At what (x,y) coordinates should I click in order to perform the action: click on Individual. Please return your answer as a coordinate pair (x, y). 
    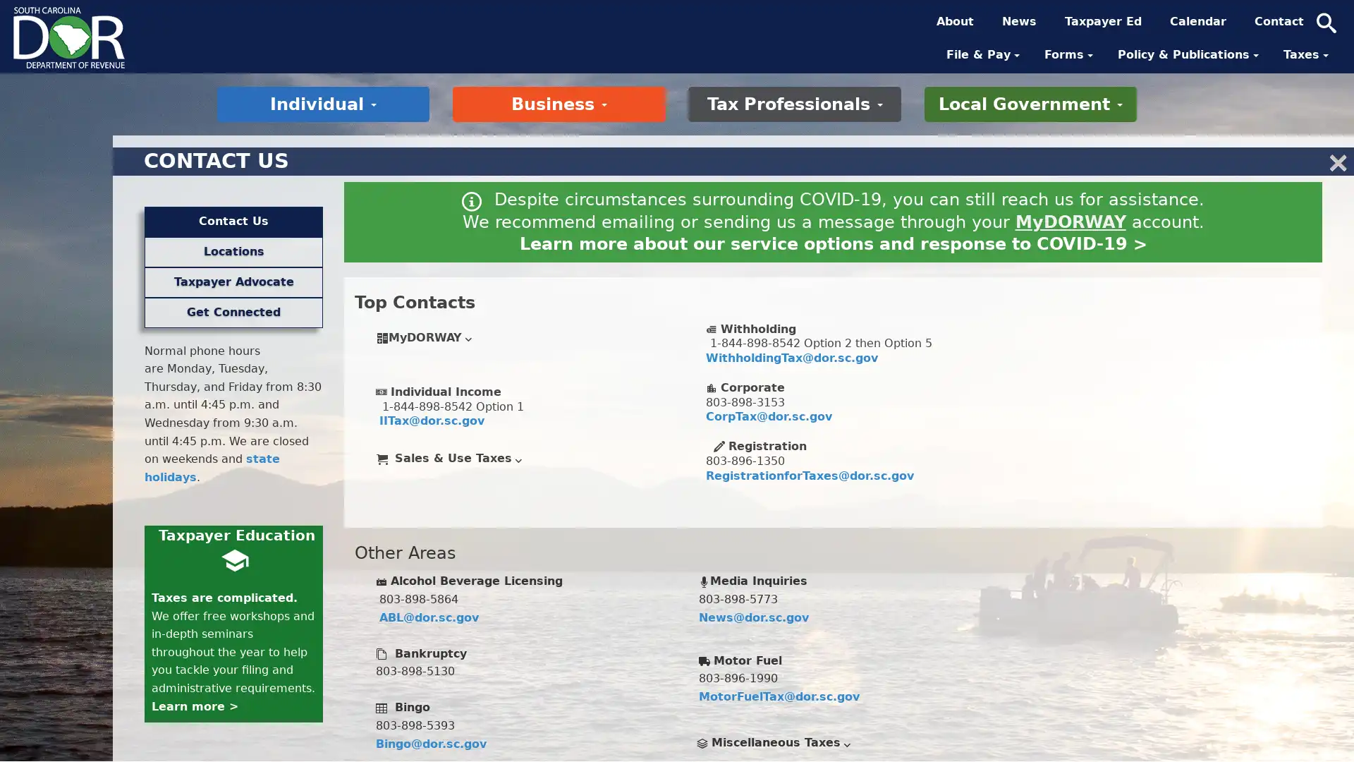
    Looking at the image, I should click on (322, 102).